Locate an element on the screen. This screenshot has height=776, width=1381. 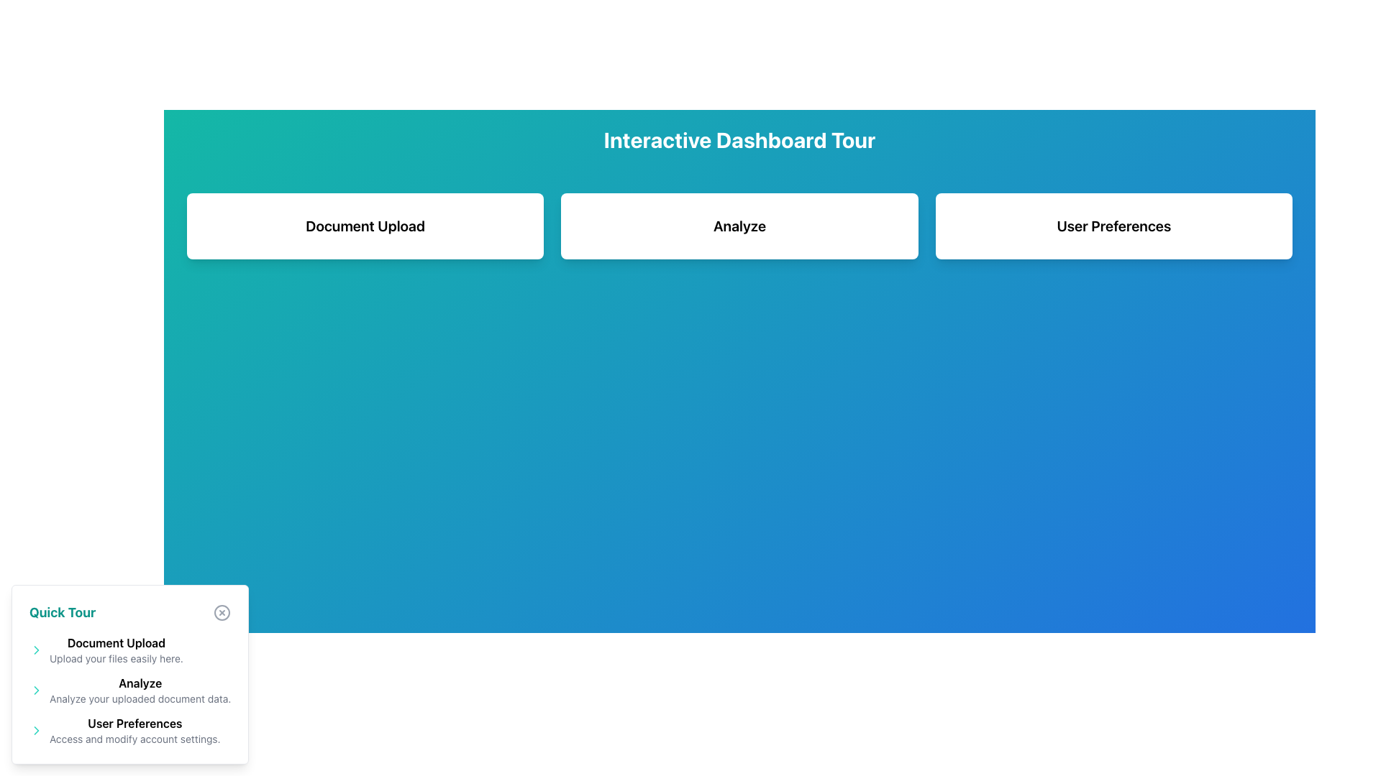
the teal-green arrow icon pointing to the right, located next to the 'Analyze' title in the Quick Tour section is located at coordinates (37, 650).